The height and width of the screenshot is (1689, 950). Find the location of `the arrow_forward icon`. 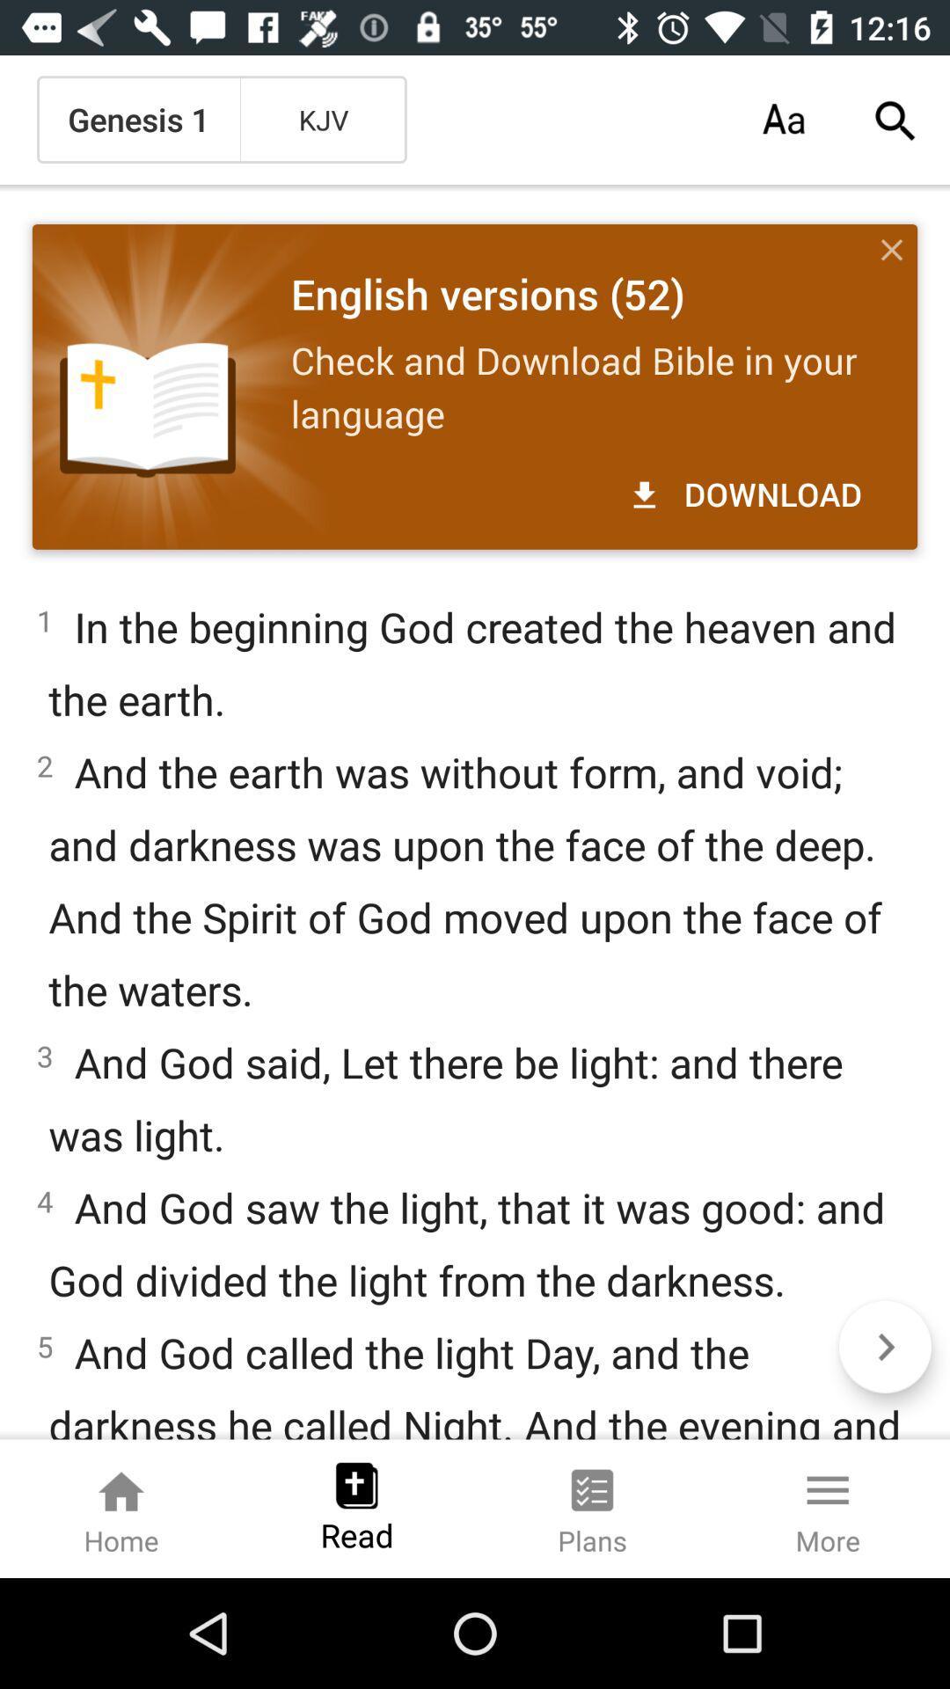

the arrow_forward icon is located at coordinates (885, 1346).